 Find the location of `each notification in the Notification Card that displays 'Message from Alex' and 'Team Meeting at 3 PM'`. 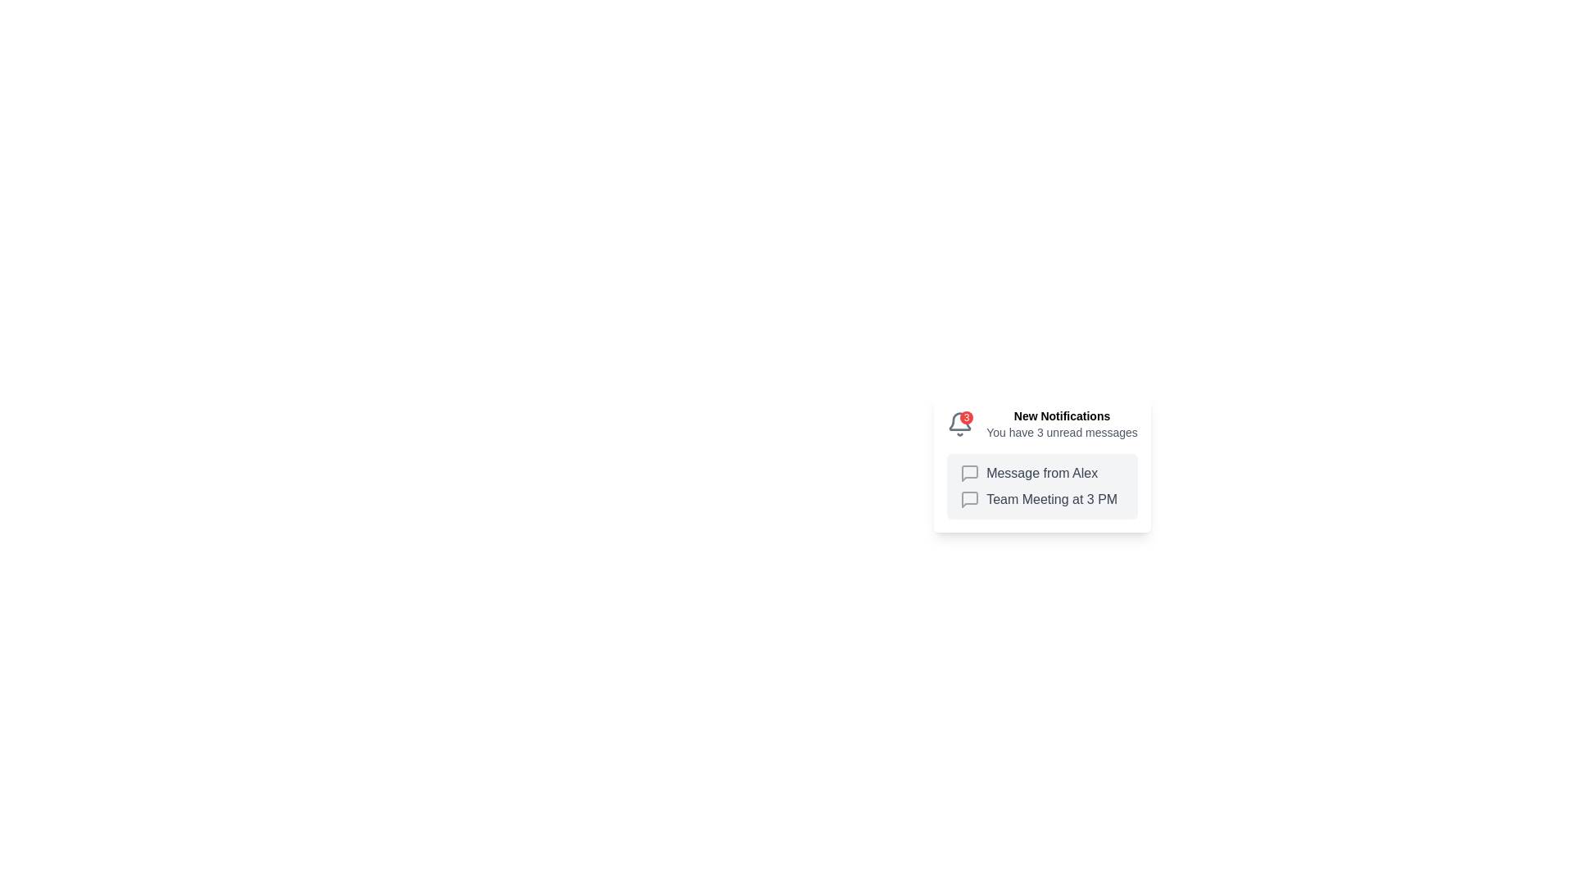

each notification in the Notification Card that displays 'Message from Alex' and 'Team Meeting at 3 PM' is located at coordinates (1041, 464).